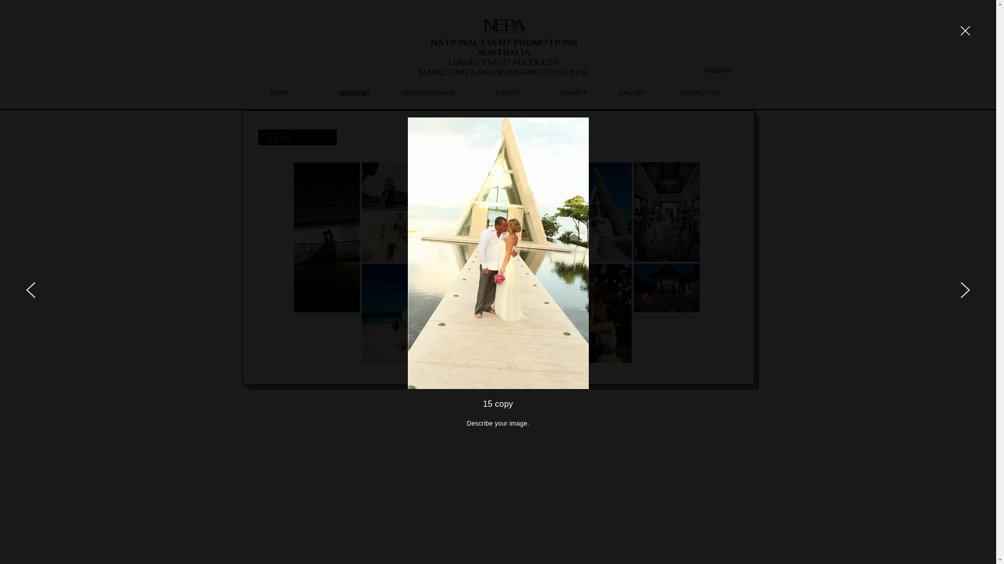 The image size is (1004, 564). What do you see at coordinates (716, 70) in the screenshot?
I see `'ENGLISH'` at bounding box center [716, 70].